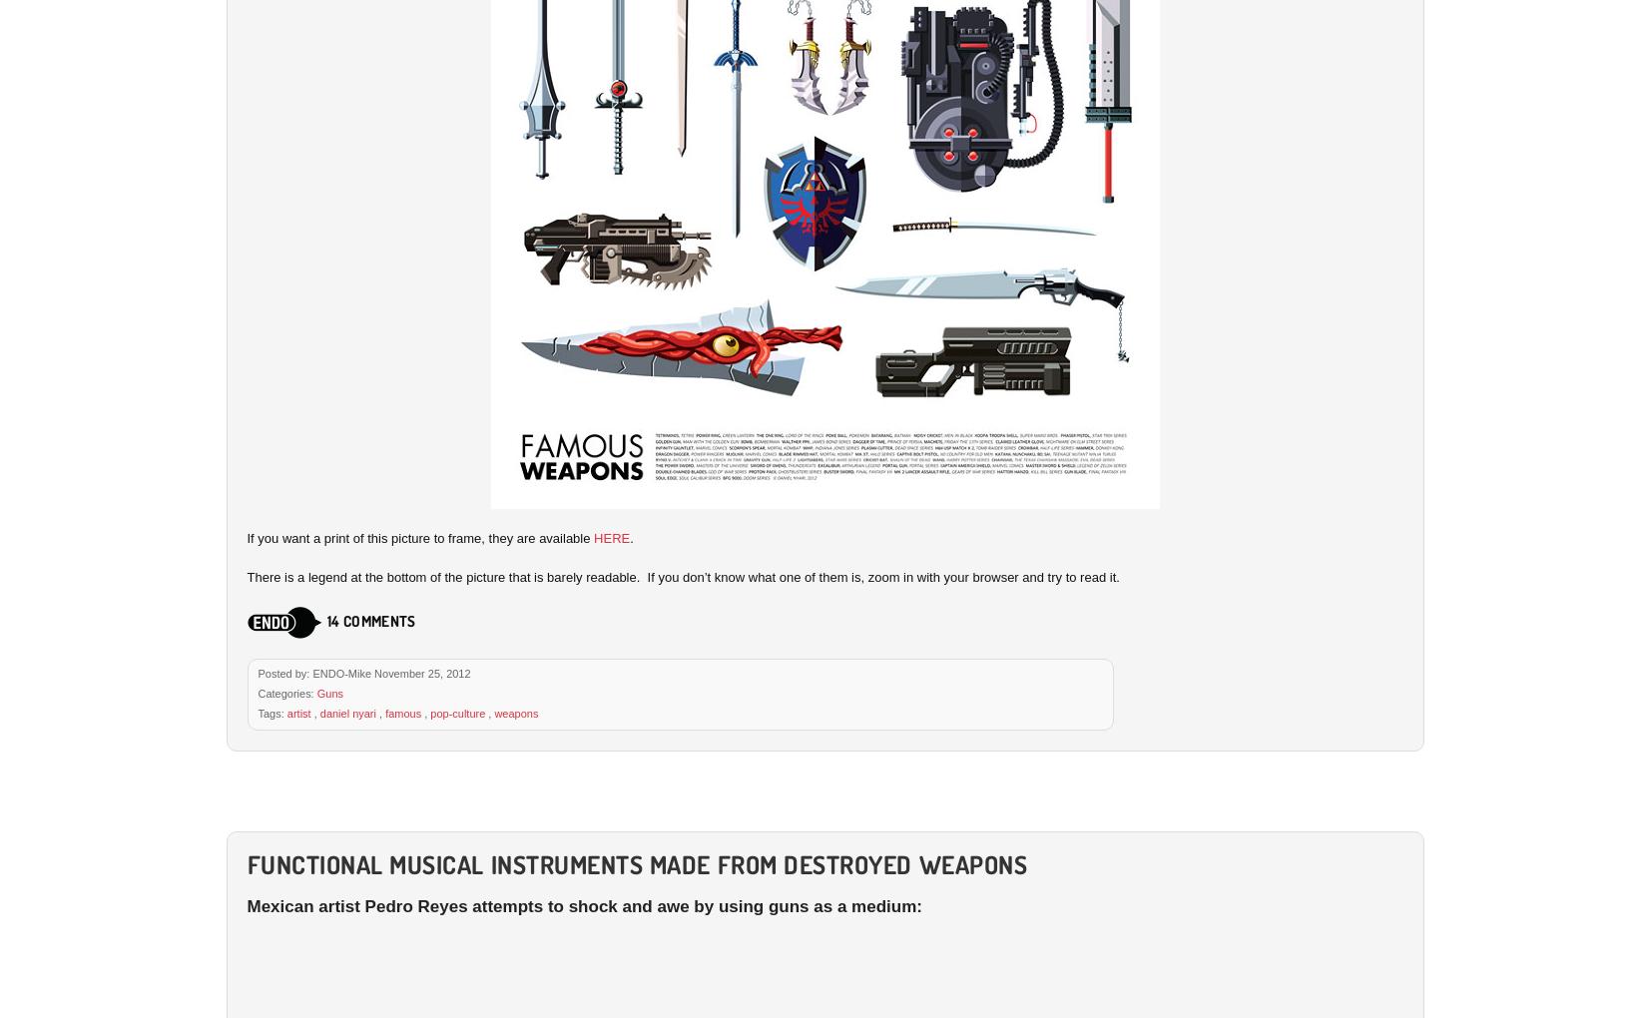 This screenshot has width=1650, height=1018. I want to click on 'weapons', so click(515, 712).